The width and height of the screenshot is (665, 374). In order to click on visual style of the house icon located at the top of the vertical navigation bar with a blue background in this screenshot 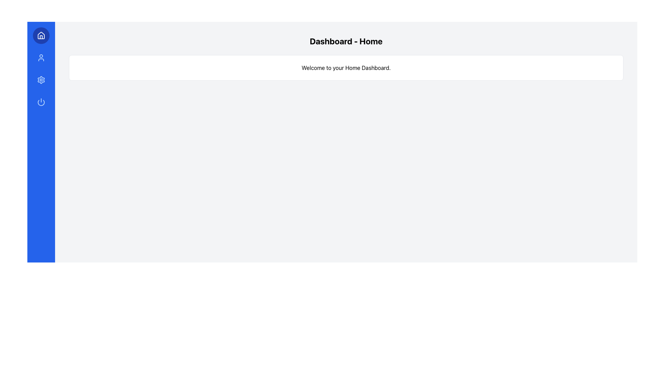, I will do `click(41, 35)`.